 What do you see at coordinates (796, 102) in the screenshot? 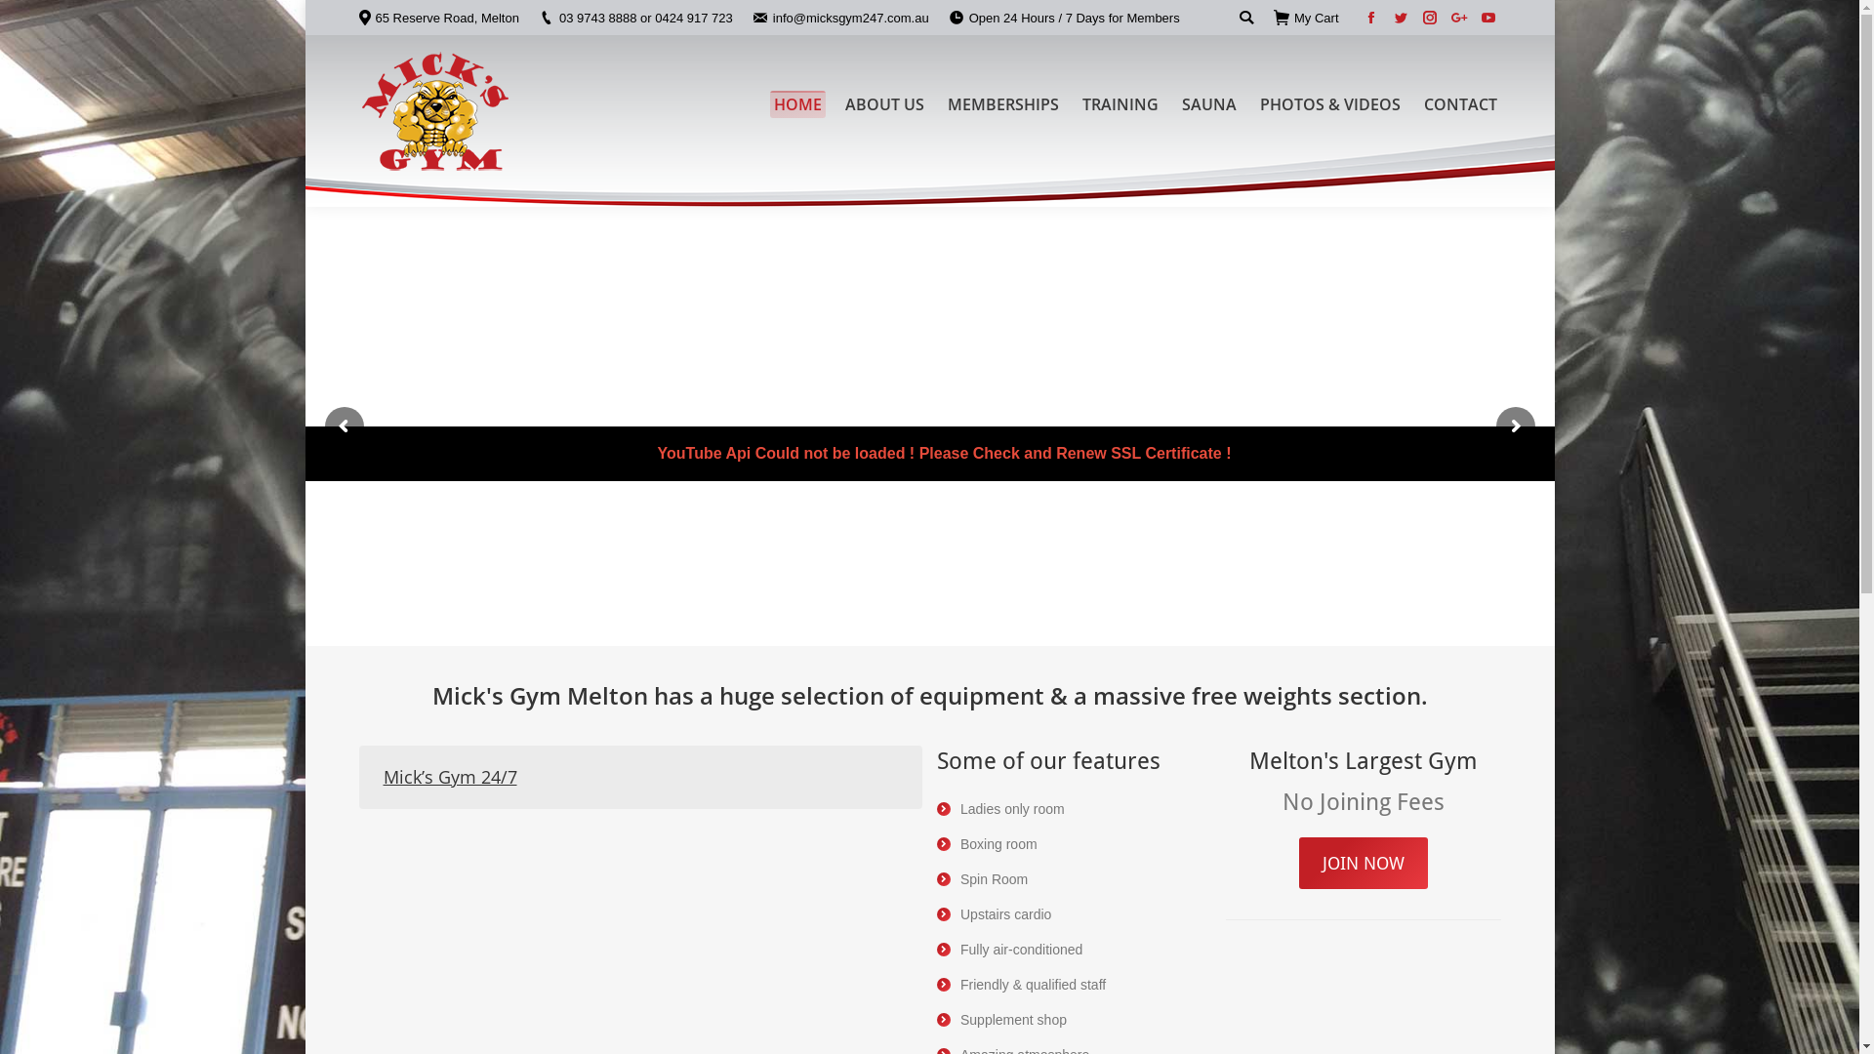
I see `'HOME'` at bounding box center [796, 102].